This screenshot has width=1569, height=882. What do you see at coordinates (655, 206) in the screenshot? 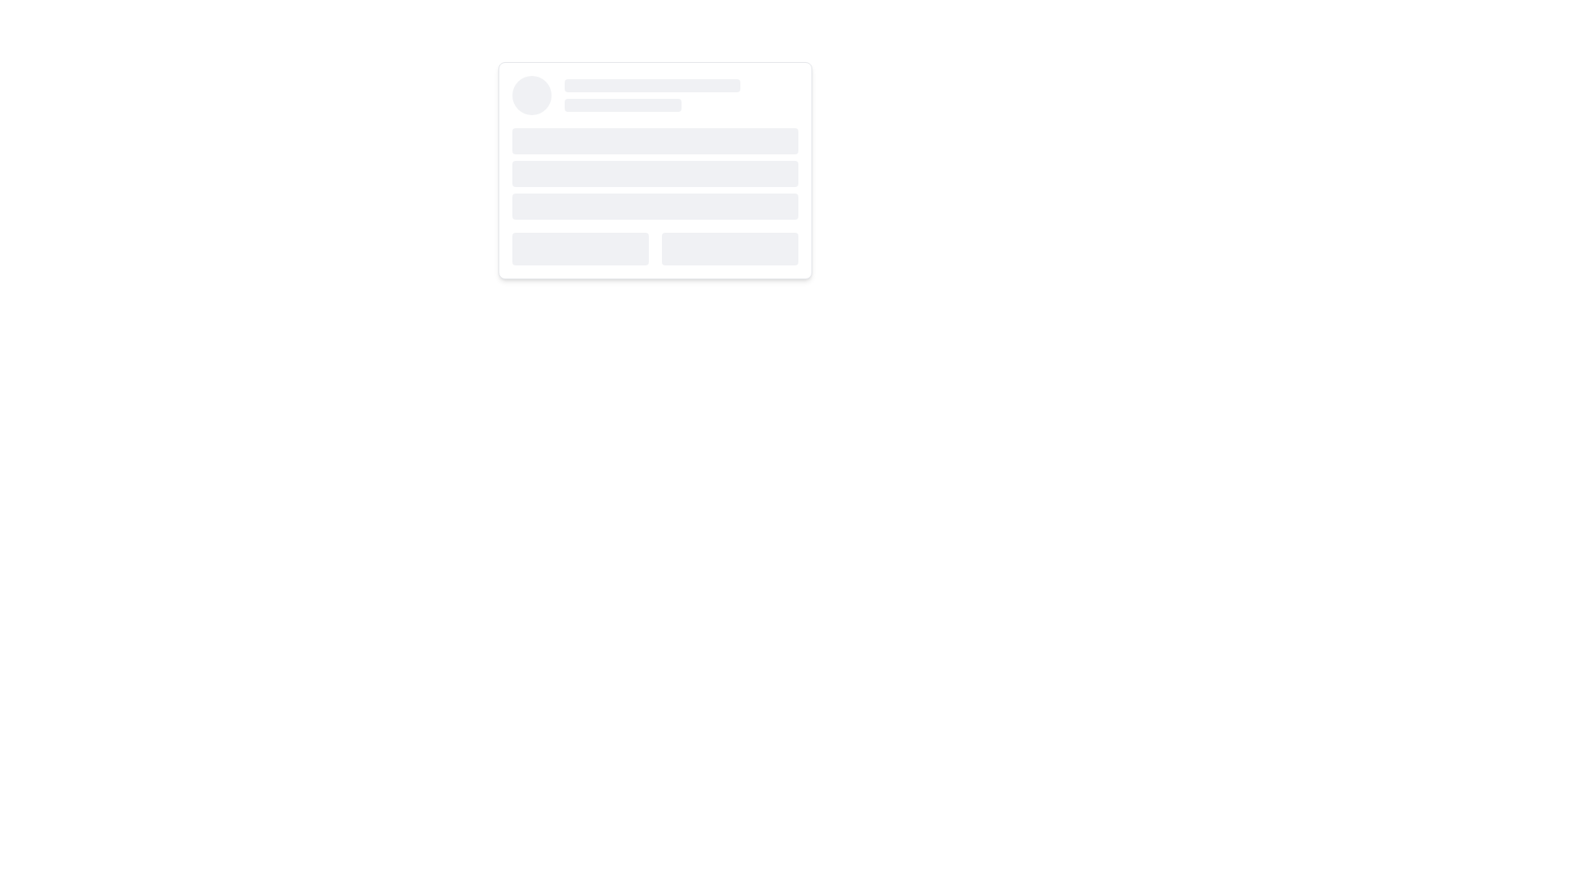
I see `the third (bottommost) Loading placeholder, which is a light gray rectangular element with rounded corners and a shimmering animation` at bounding box center [655, 206].